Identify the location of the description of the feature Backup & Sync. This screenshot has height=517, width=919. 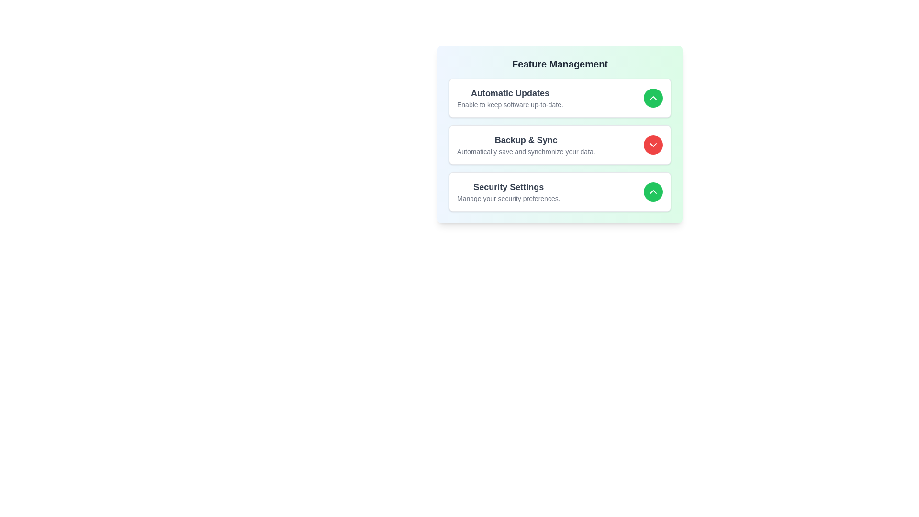
(526, 145).